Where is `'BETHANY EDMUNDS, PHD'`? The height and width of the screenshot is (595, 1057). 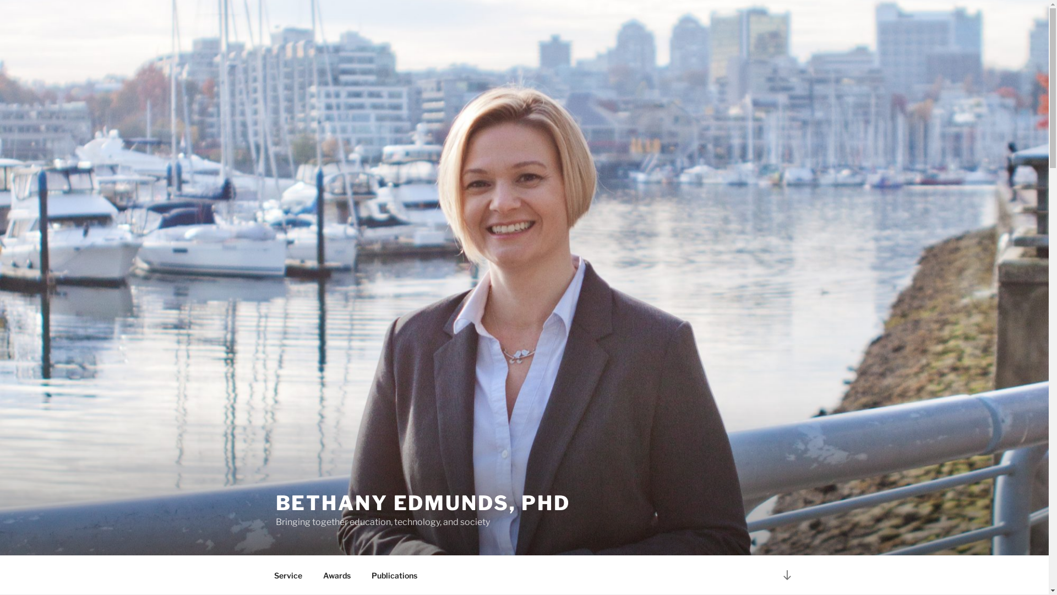
'BETHANY EDMUNDS, PHD' is located at coordinates (422, 503).